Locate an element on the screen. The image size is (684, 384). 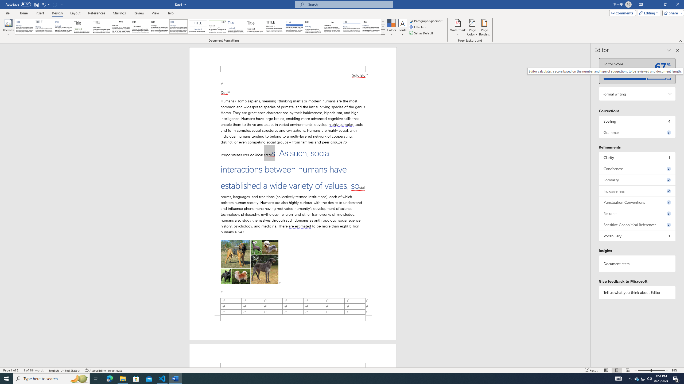
'Page 1 content' is located at coordinates (293, 193).